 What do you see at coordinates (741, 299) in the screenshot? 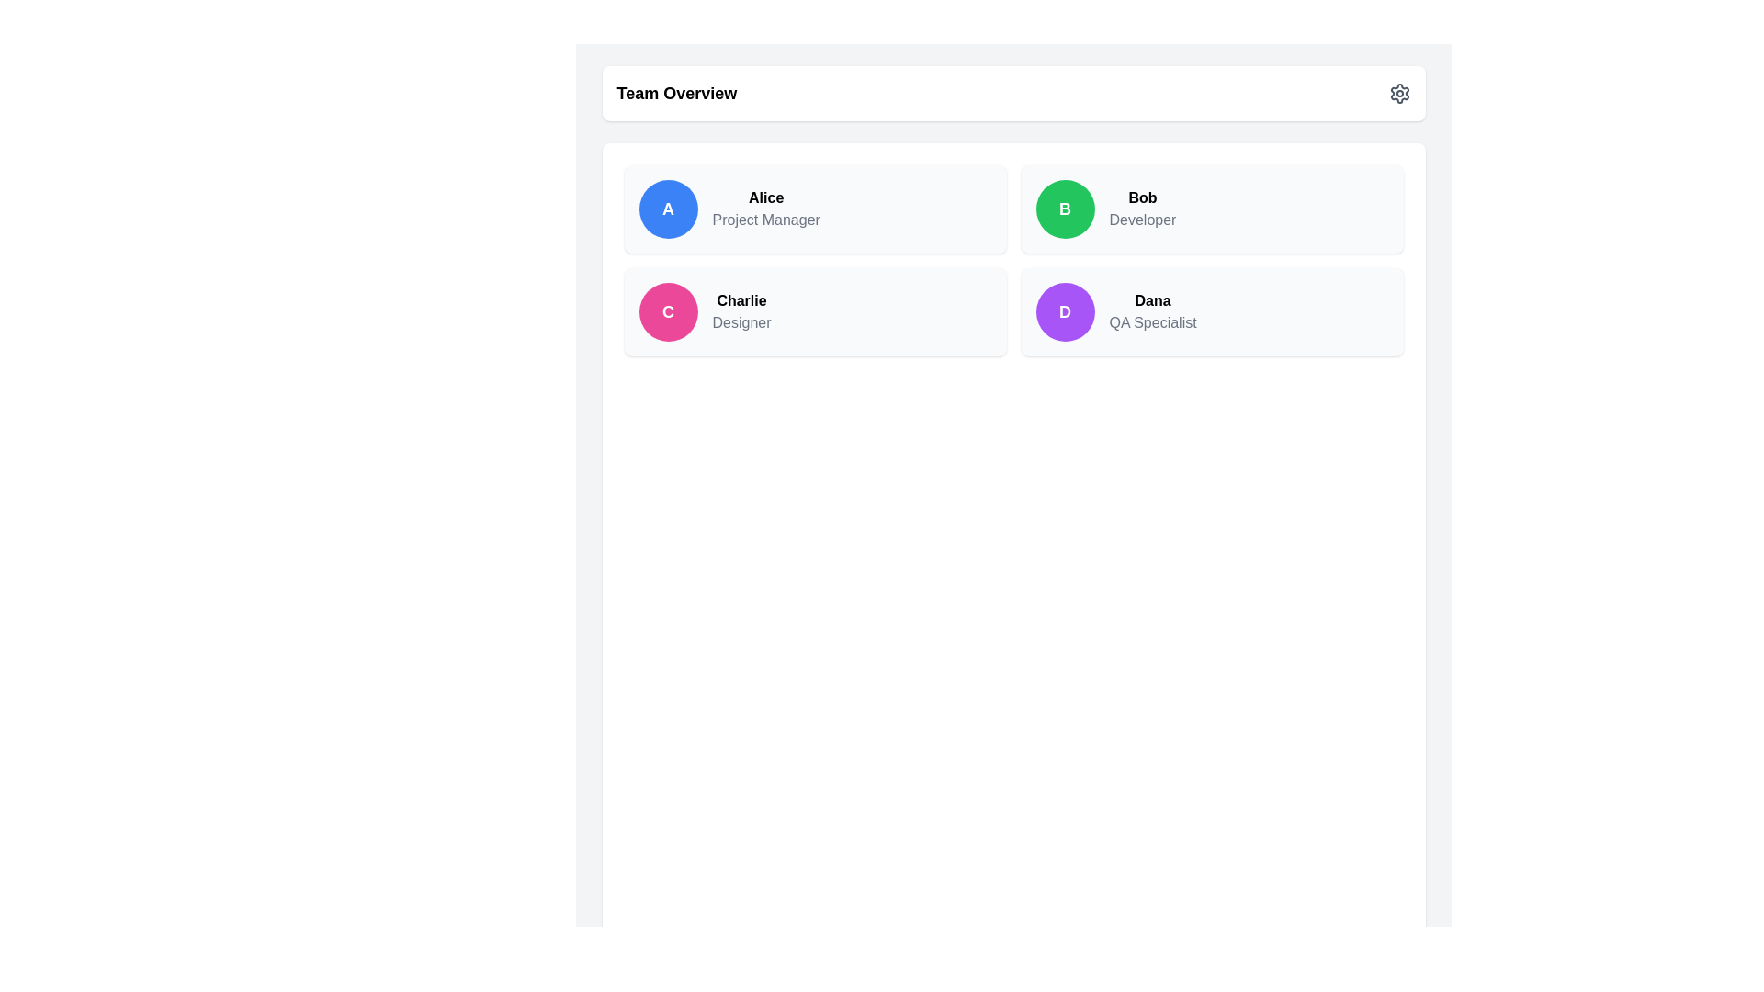
I see `text displayed in the bold label 'Charlie' located in the first column of the second row within the team member card layout` at bounding box center [741, 299].